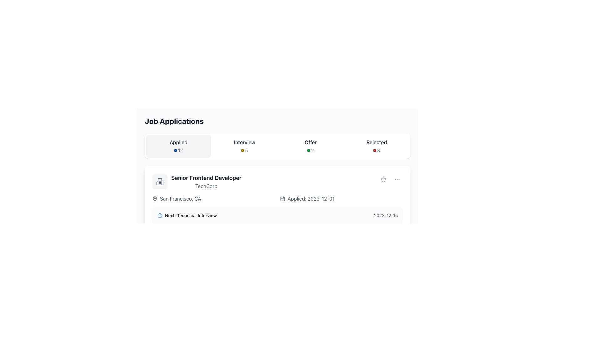 The image size is (601, 338). Describe the element at coordinates (311, 151) in the screenshot. I see `the Display indicator for job offers, which is marked by a green indicator and located under the 'Offer' column in the job applications summary` at that location.